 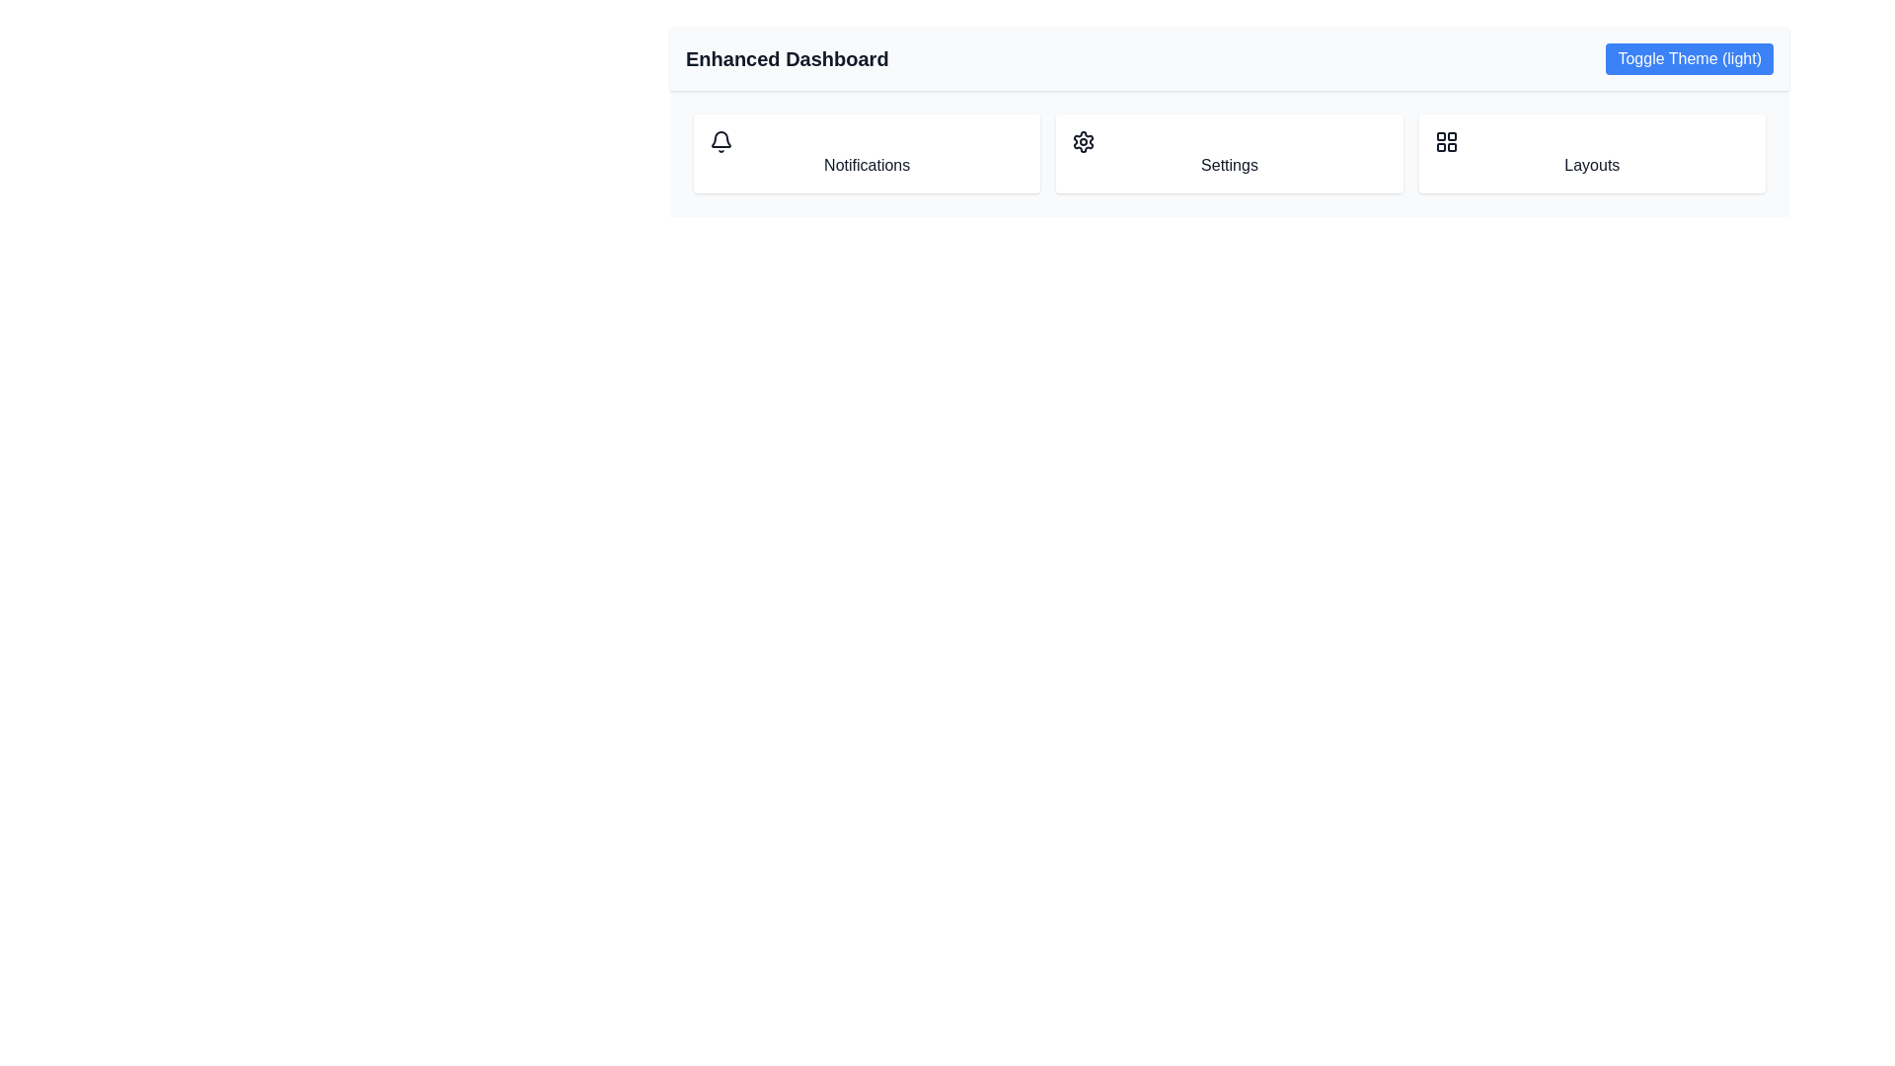 I want to click on the grid layout icon located centrally within the 'Layouts' card on the rightmost side of the dashboard, so click(x=1446, y=140).